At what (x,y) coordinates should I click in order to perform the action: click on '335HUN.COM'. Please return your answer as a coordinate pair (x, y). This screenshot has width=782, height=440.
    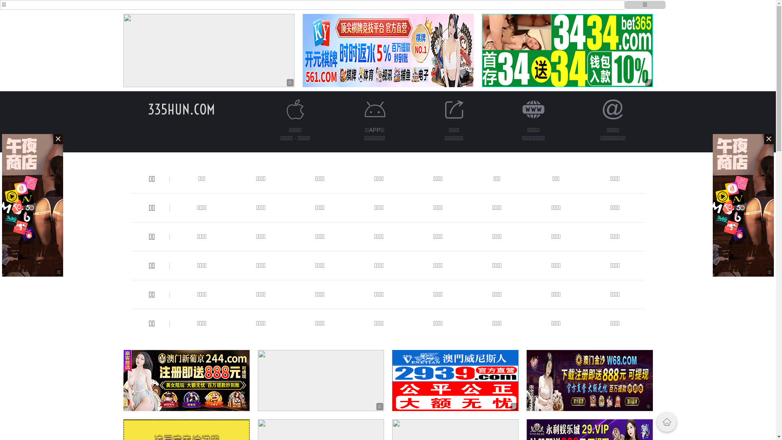
    Looking at the image, I should click on (181, 109).